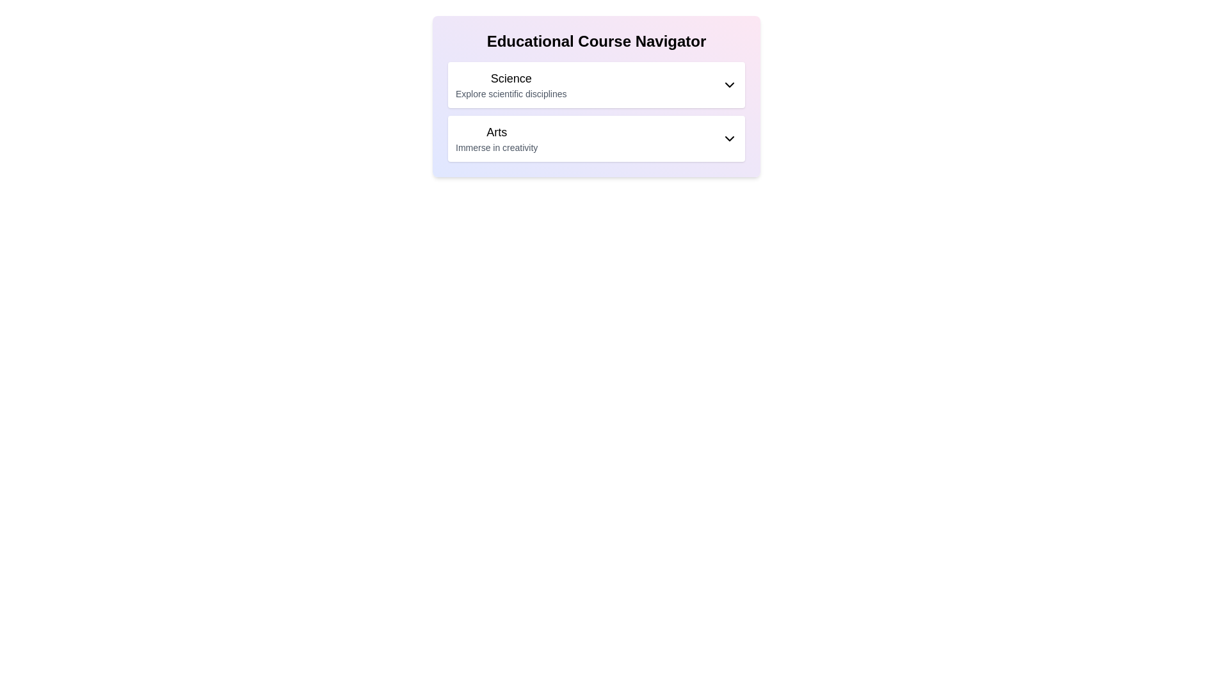 This screenshot has width=1229, height=691. Describe the element at coordinates (510, 84) in the screenshot. I see `the Text block element displaying 'Science' and 'Explore scientific disciplines', which is located beneath the 'Educational Course Navigator' heading` at that location.